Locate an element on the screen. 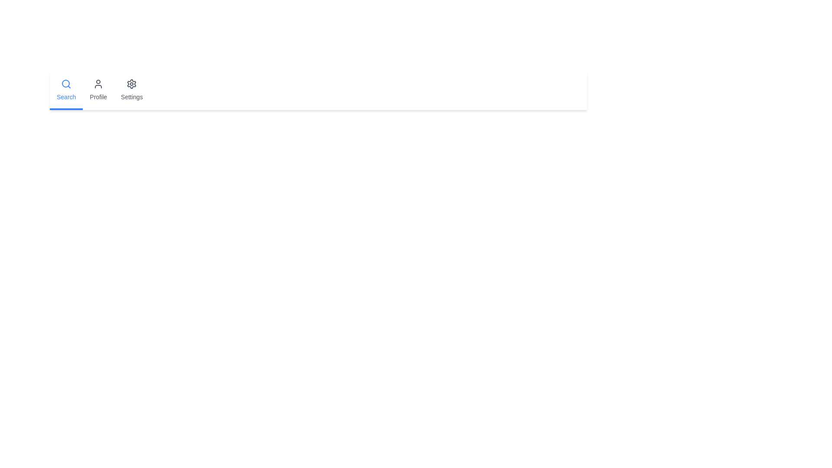 The height and width of the screenshot is (468, 832). the 'Profile' text label, which is styled in a smaller font and located below the user icon in the navigation menu is located at coordinates (98, 97).